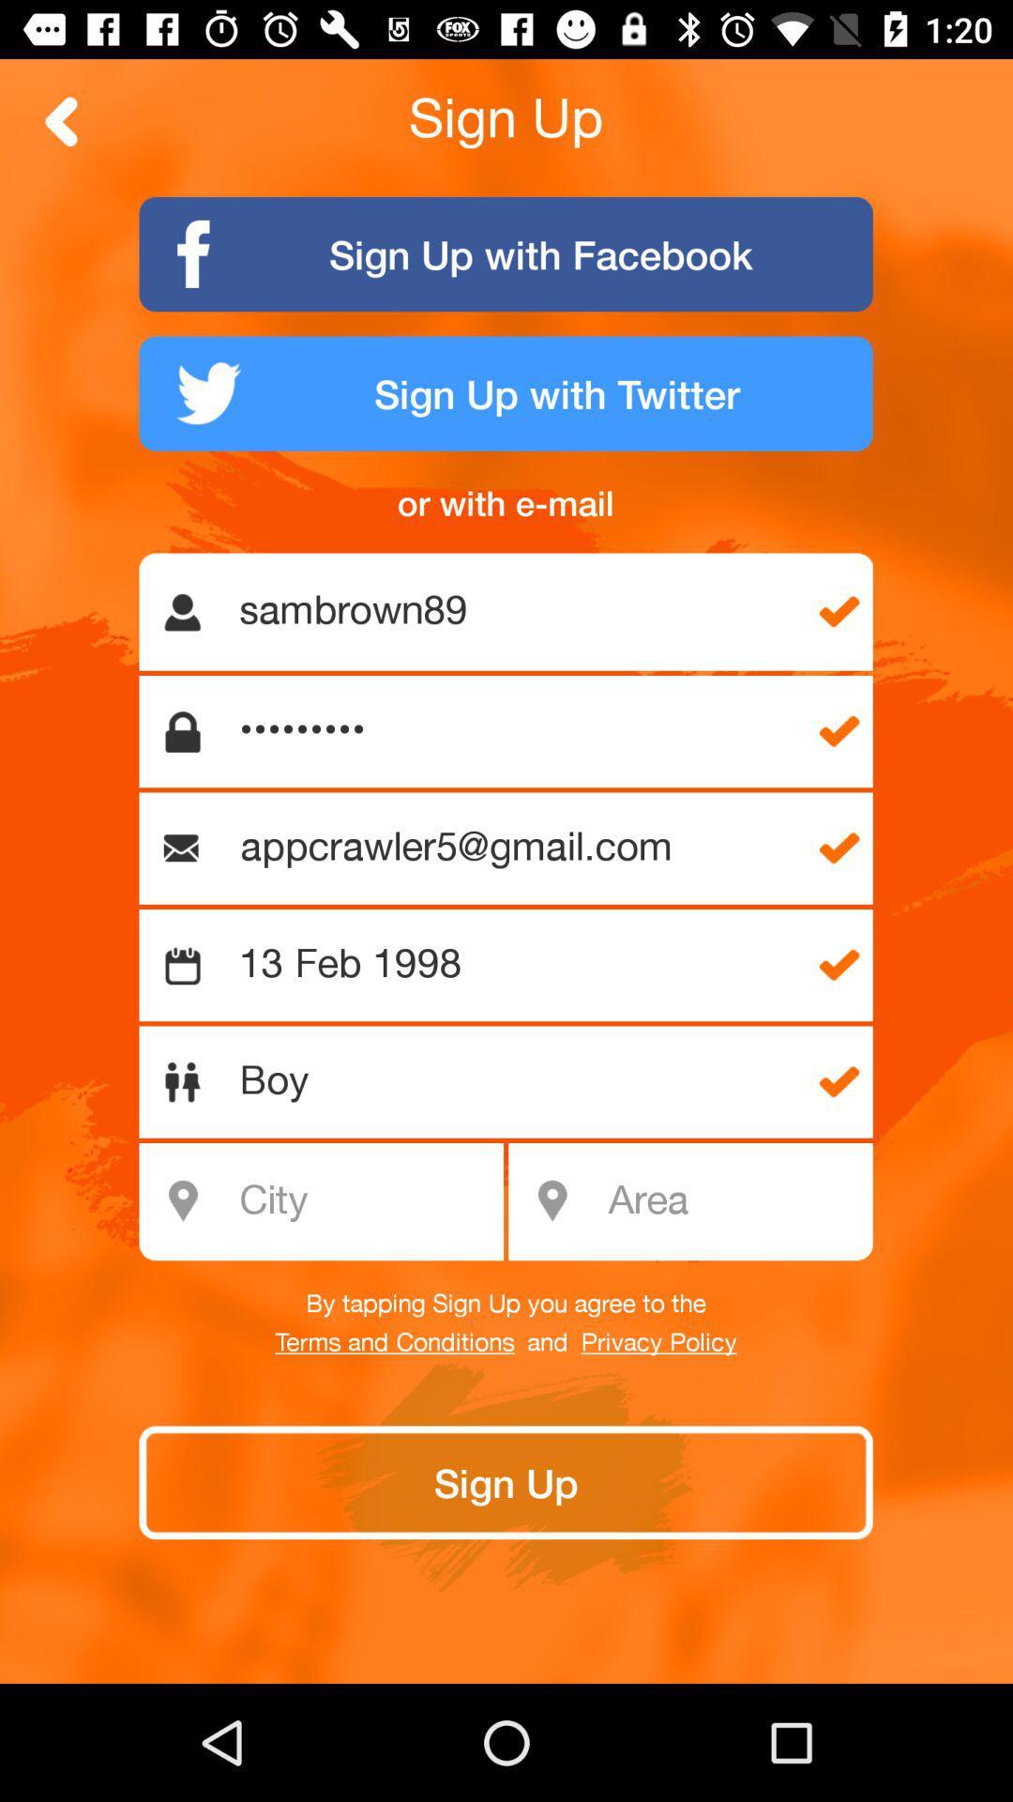 The width and height of the screenshot is (1013, 1802). Describe the element at coordinates (658, 1342) in the screenshot. I see `the icon next to and icon` at that location.